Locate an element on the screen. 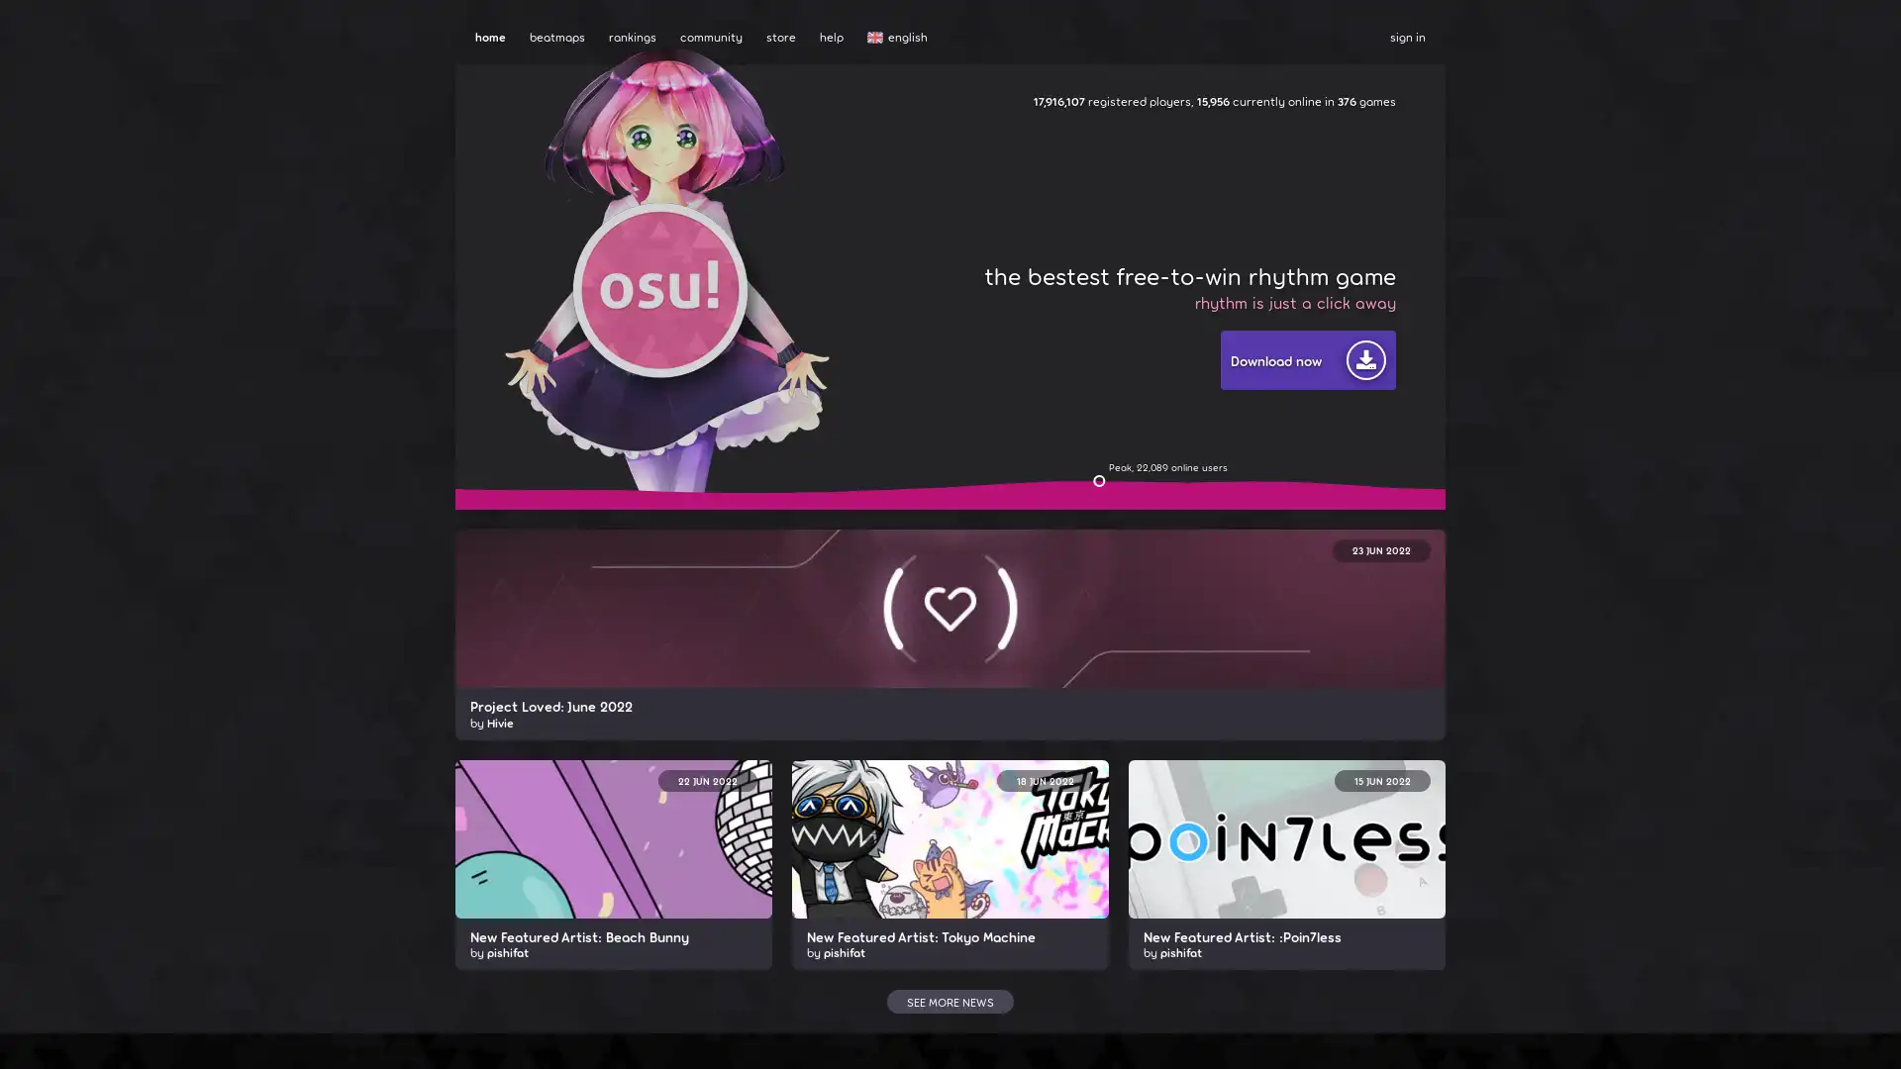  svenska is located at coordinates (926, 665).